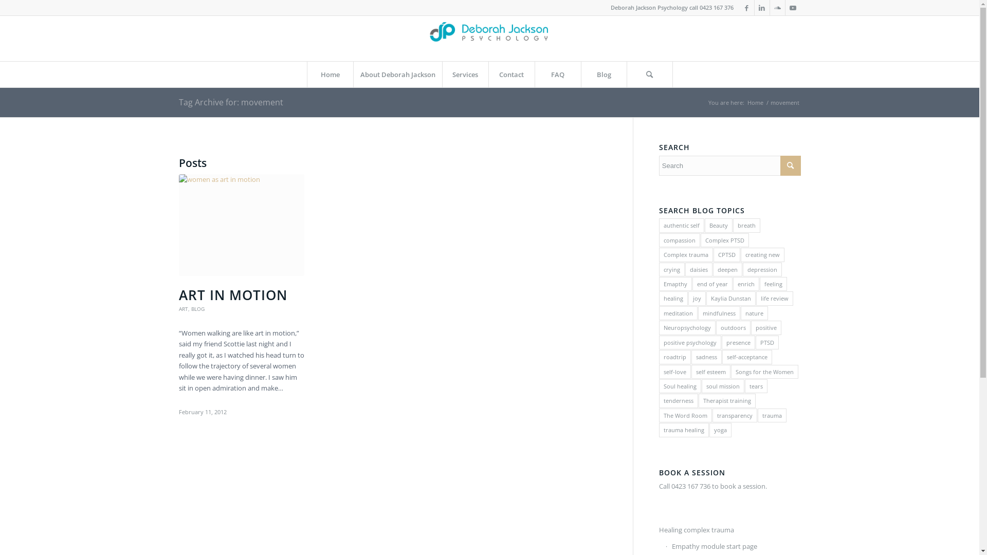 The height and width of the screenshot is (555, 987). What do you see at coordinates (706, 356) in the screenshot?
I see `'sadness'` at bounding box center [706, 356].